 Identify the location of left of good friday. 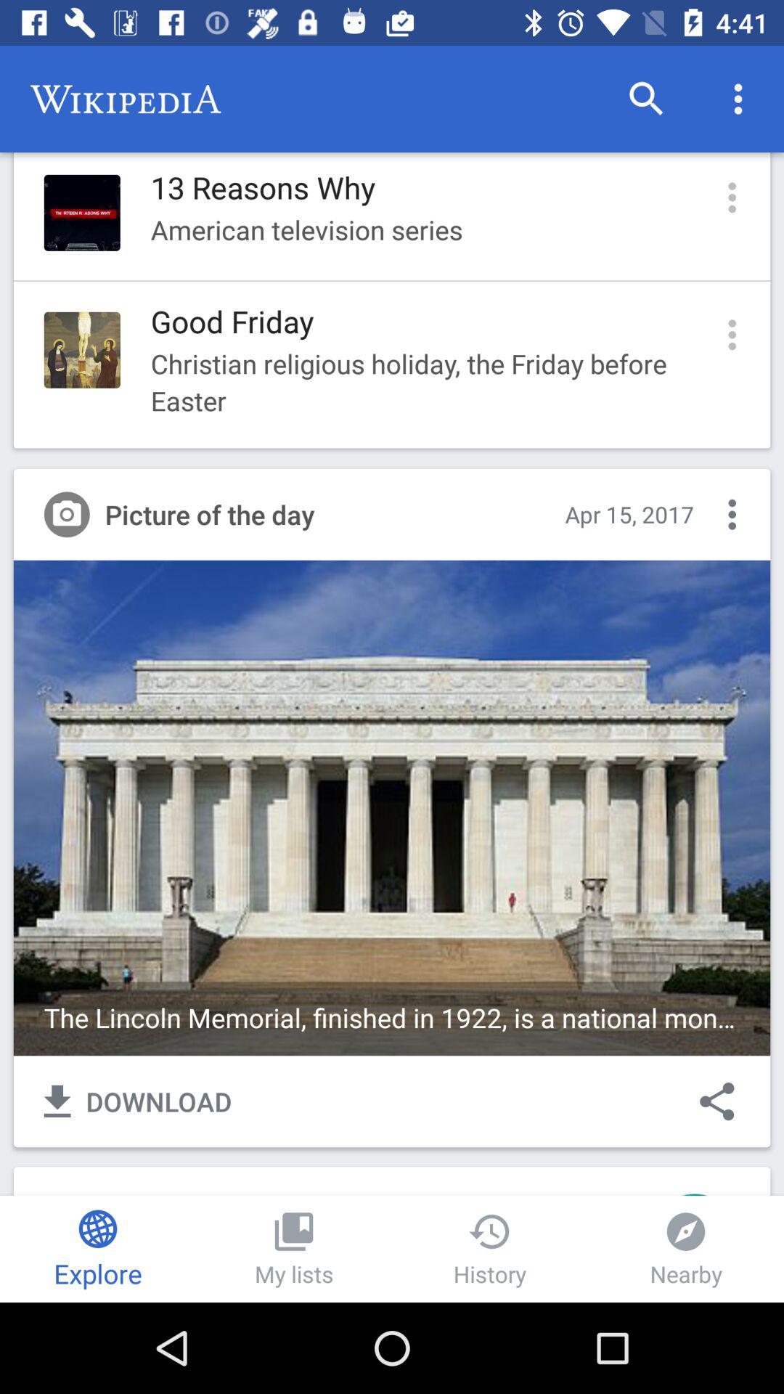
(82, 350).